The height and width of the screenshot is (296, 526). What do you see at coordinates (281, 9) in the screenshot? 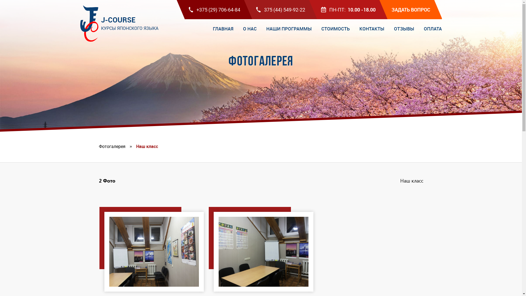
I see `'375 (44) 549-92-22'` at bounding box center [281, 9].